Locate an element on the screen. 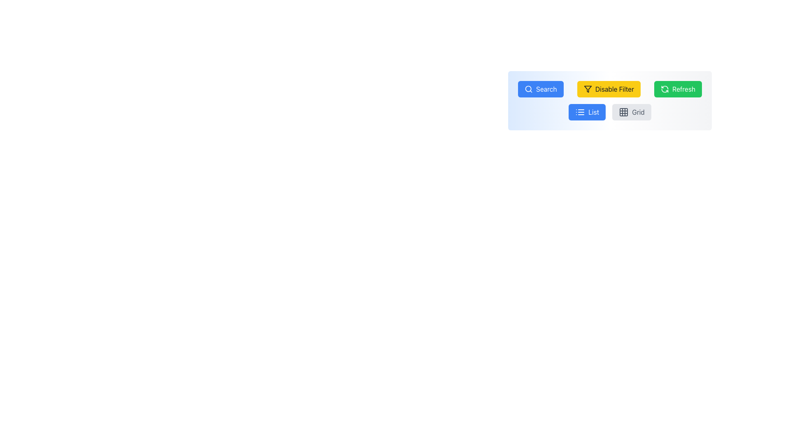 This screenshot has height=444, width=790. the 'Search' button located in the top-right corner of the interface, which contains a magnifying glass icon represented by a circle is located at coordinates (528, 89).